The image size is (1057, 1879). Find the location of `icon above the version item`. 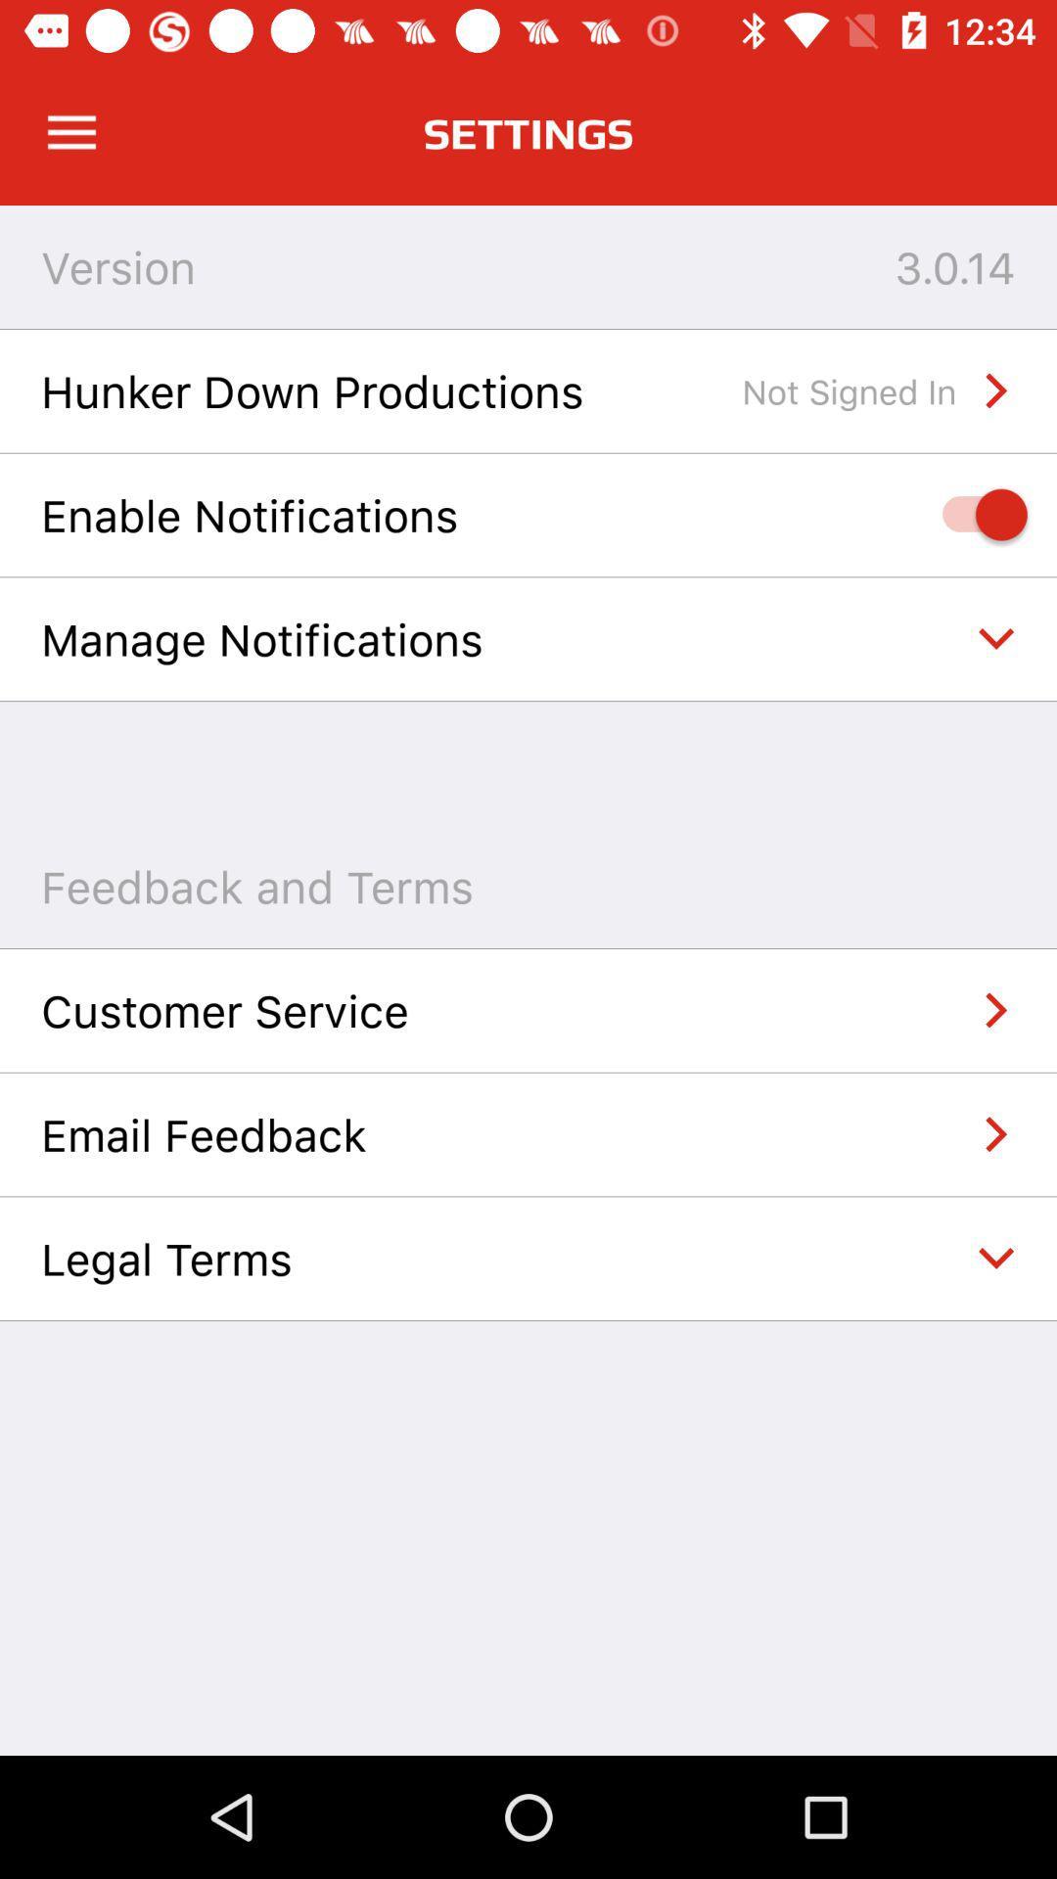

icon above the version item is located at coordinates (70, 132).